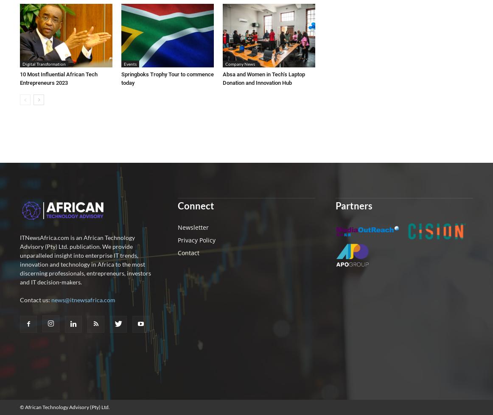  Describe the element at coordinates (22, 63) in the screenshot. I see `'Digital Transformation'` at that location.